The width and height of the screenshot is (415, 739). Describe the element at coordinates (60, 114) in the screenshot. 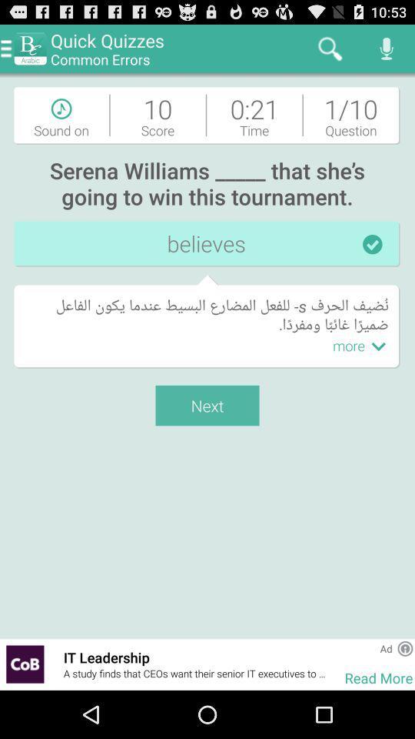

I see `sound on` at that location.